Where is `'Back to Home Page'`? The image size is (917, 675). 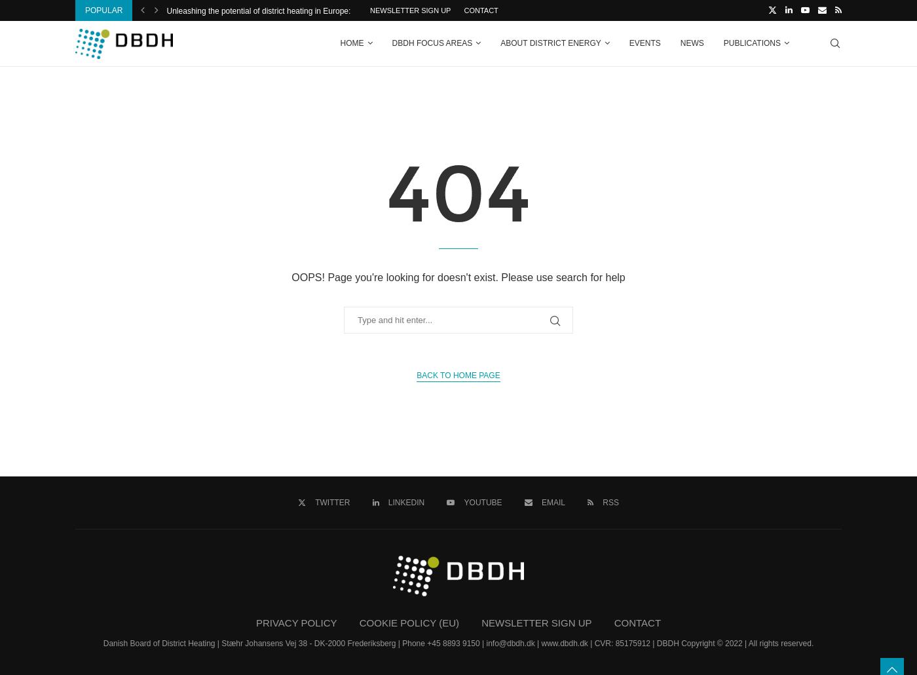 'Back to Home Page' is located at coordinates (458, 375).